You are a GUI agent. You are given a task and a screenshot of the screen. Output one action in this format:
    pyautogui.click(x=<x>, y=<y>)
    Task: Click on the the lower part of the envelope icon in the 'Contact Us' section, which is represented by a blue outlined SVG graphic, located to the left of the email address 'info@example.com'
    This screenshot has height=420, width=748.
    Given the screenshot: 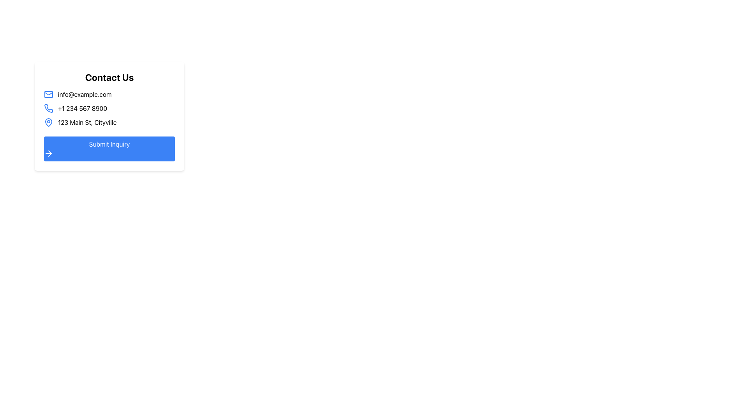 What is the action you would take?
    pyautogui.click(x=48, y=93)
    